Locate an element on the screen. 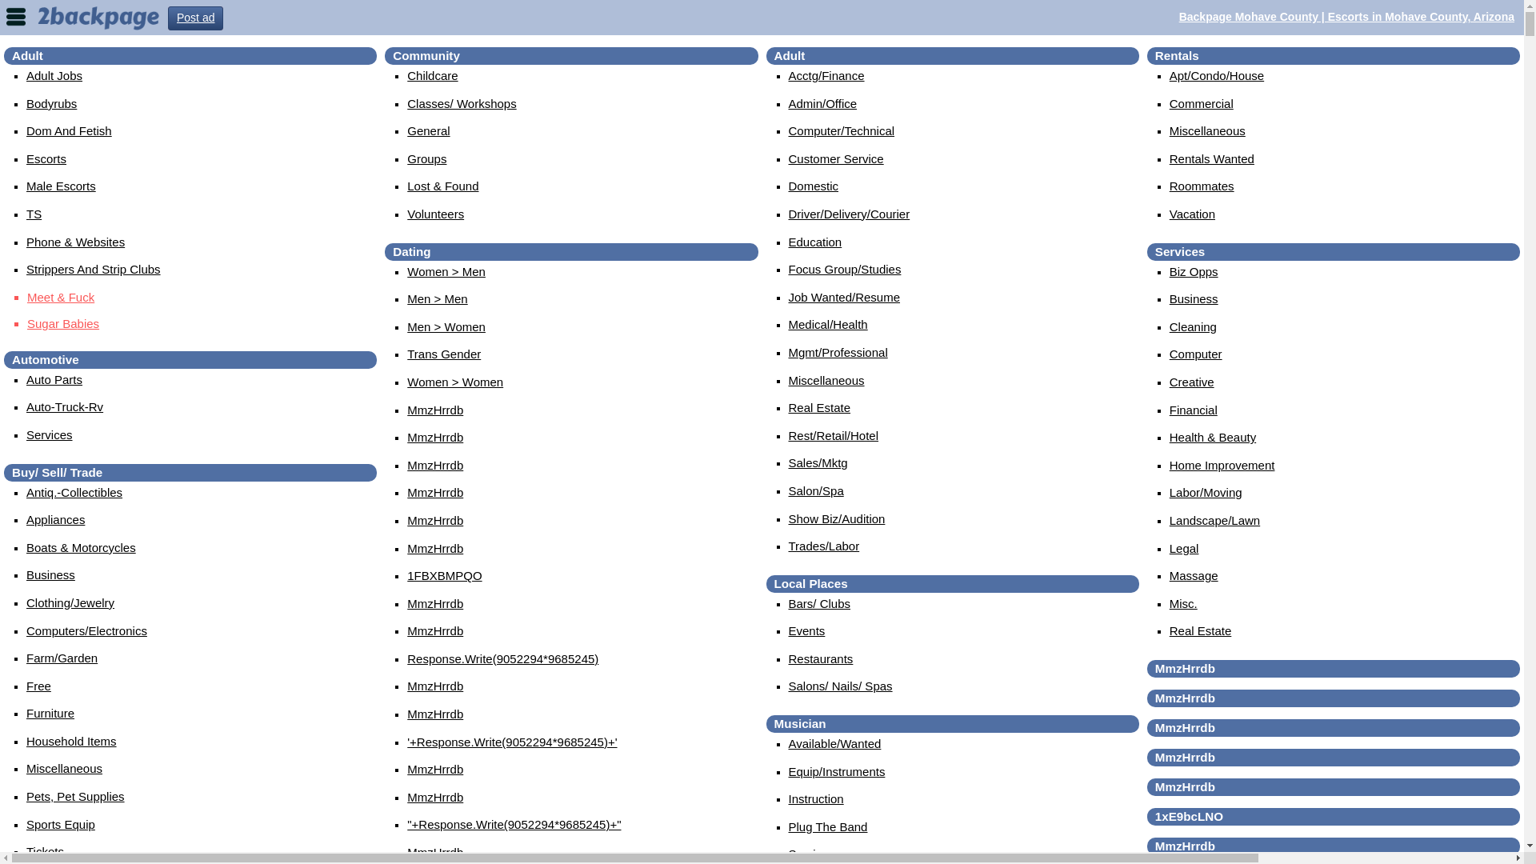 This screenshot has height=864, width=1536. 'Financial' is located at coordinates (1194, 409).